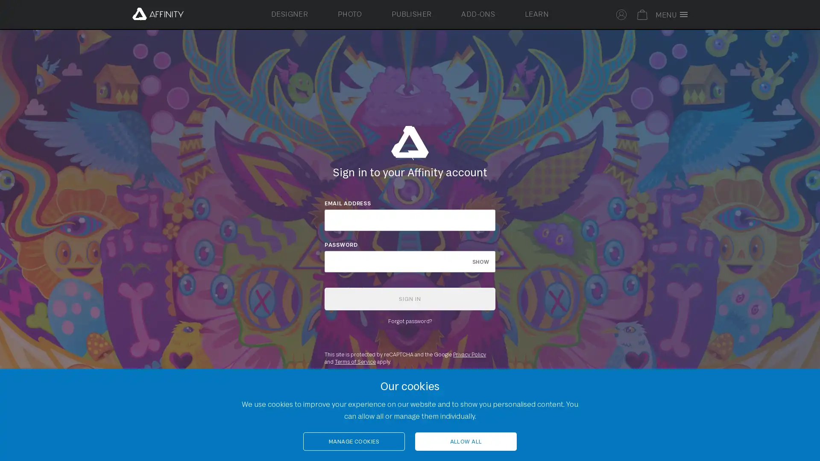 This screenshot has height=461, width=820. Describe the element at coordinates (465, 441) in the screenshot. I see `ALLOW ALL` at that location.